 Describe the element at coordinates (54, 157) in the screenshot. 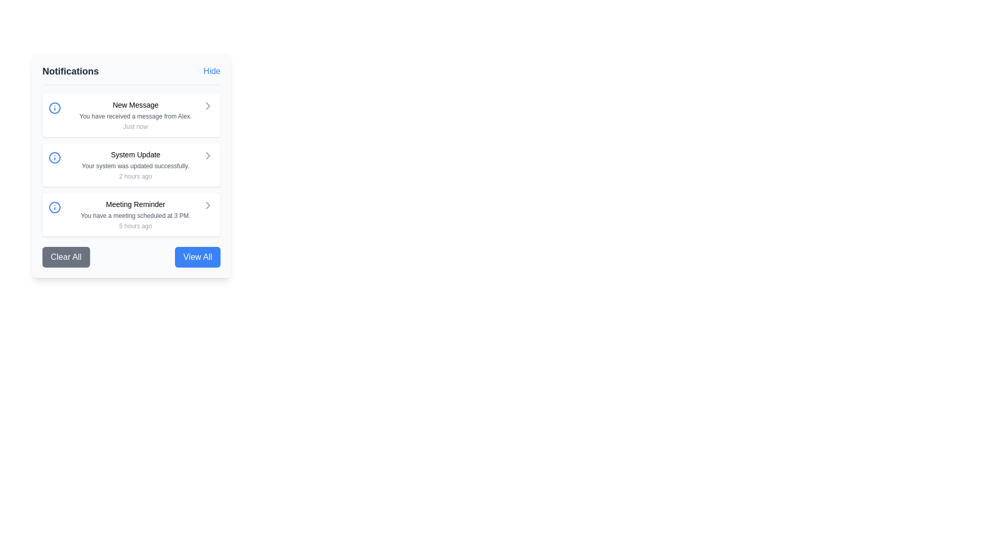

I see `the information icon located in the top-left corner of the 'System Update' notification card, which provides context to the notification` at that location.